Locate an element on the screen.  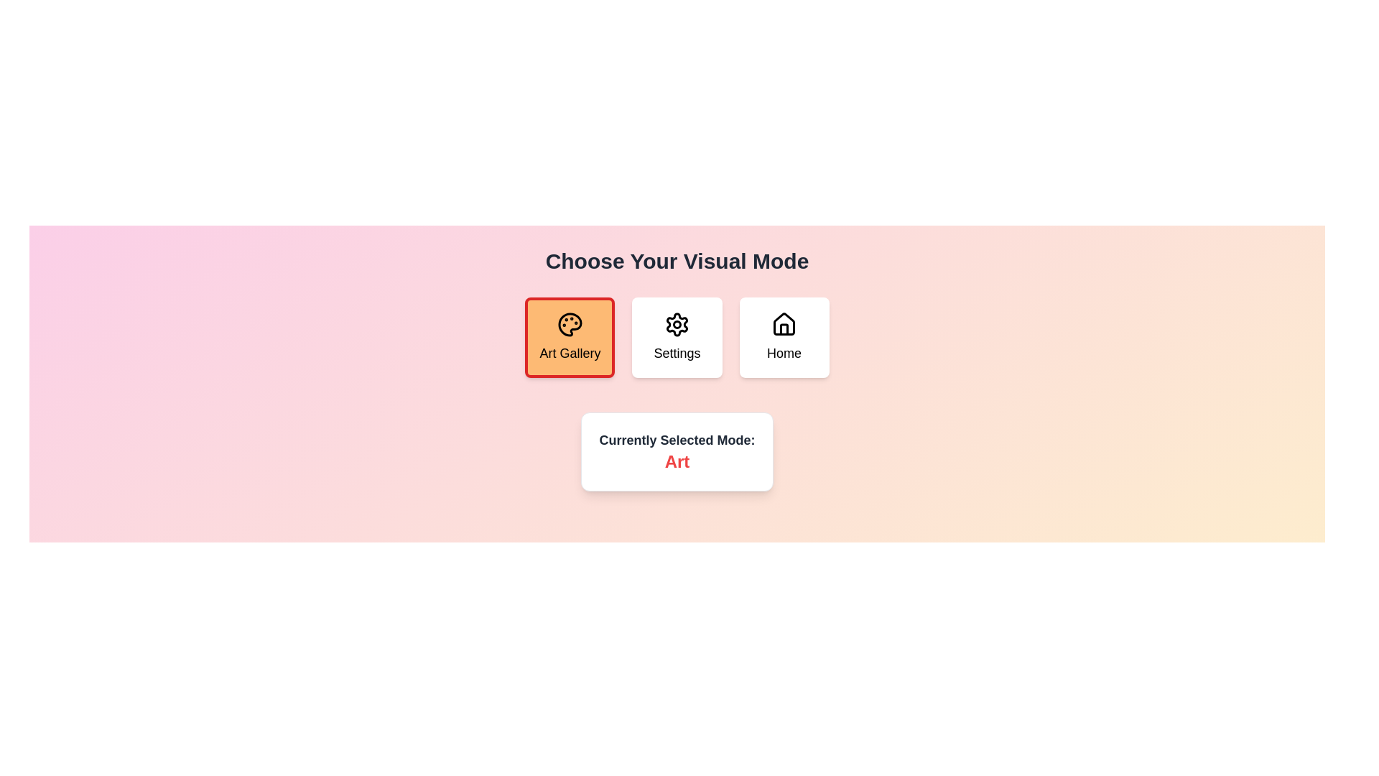
the mode labeled Settings to inspect its icon and label is located at coordinates (676, 338).